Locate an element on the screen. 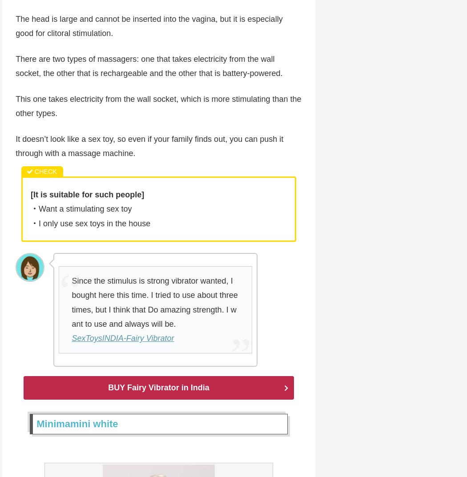 This screenshot has height=477, width=467. 'BUY Fairy Vibrator in India' is located at coordinates (158, 388).